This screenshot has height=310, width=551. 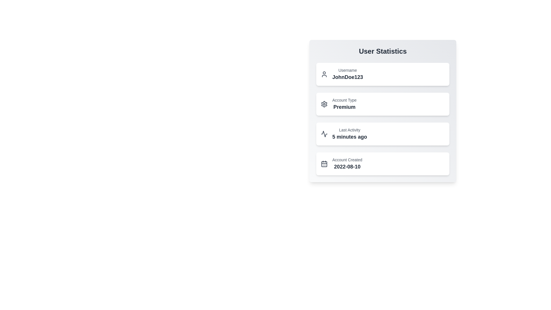 What do you see at coordinates (383, 111) in the screenshot?
I see `the Information Panel element titled 'User Statistics' which displays user-related details such as username, account type, last activity, and account created date` at bounding box center [383, 111].